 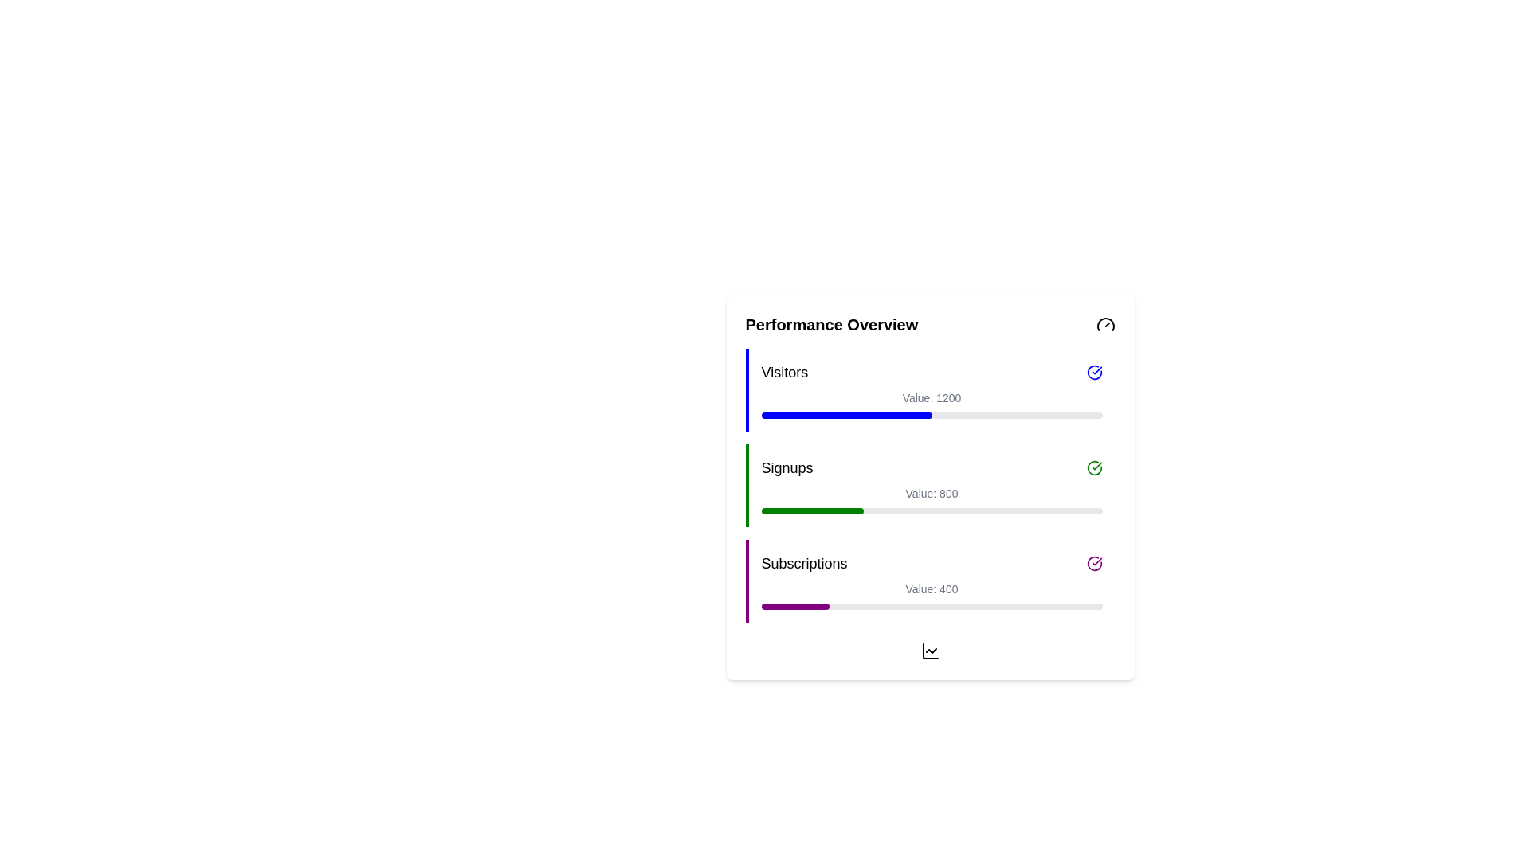 I want to click on the gauge icon in the 'Performance Overview' section, positioned at the far right of the header, adjacent to the title text, so click(x=1104, y=324).